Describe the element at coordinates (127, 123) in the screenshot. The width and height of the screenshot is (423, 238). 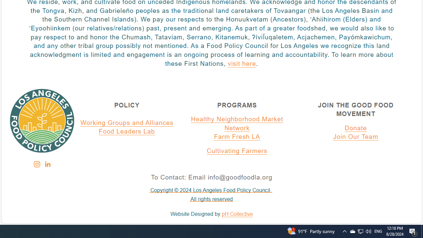
I see `'Working Groups and Alliances'` at that location.